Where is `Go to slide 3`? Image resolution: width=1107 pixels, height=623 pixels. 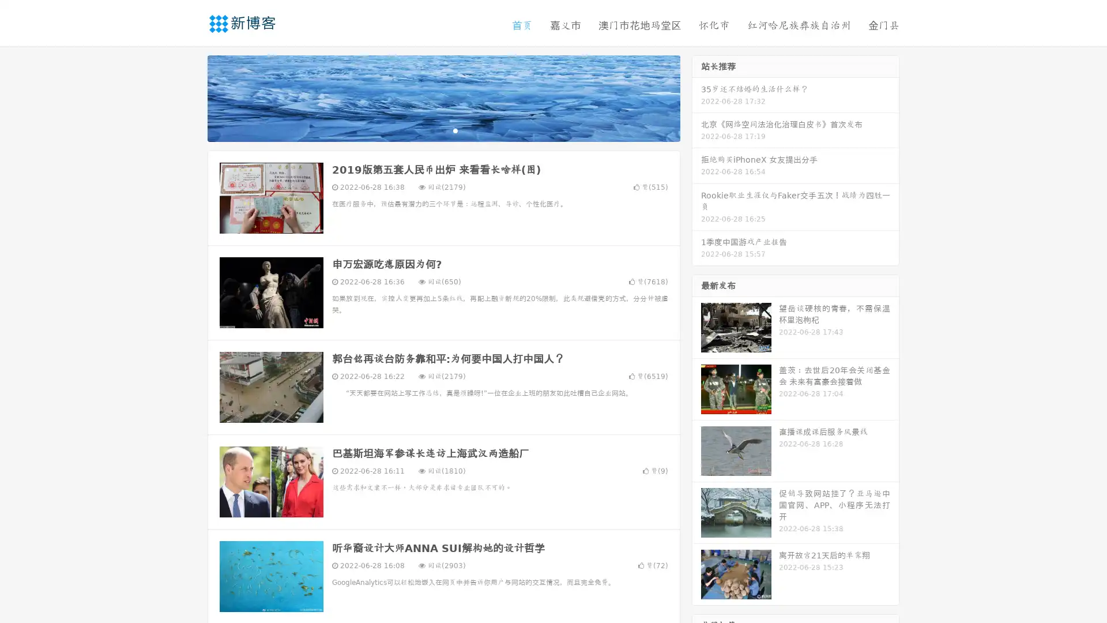
Go to slide 3 is located at coordinates (455, 130).